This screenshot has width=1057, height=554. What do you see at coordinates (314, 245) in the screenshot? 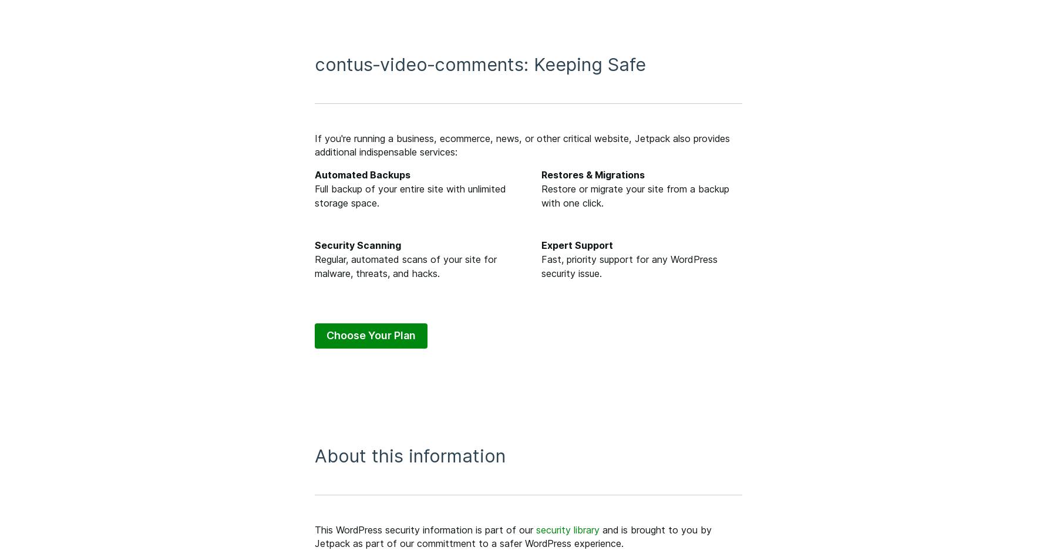
I see `'Security Scanning'` at bounding box center [314, 245].